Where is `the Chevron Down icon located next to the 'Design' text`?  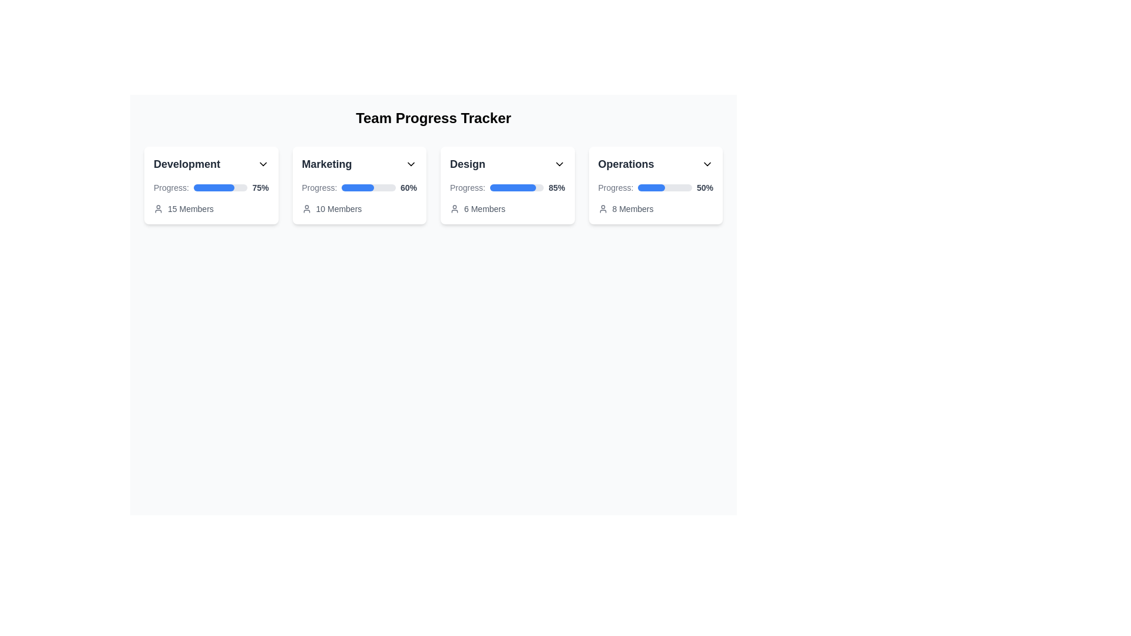
the Chevron Down icon located next to the 'Design' text is located at coordinates (558, 164).